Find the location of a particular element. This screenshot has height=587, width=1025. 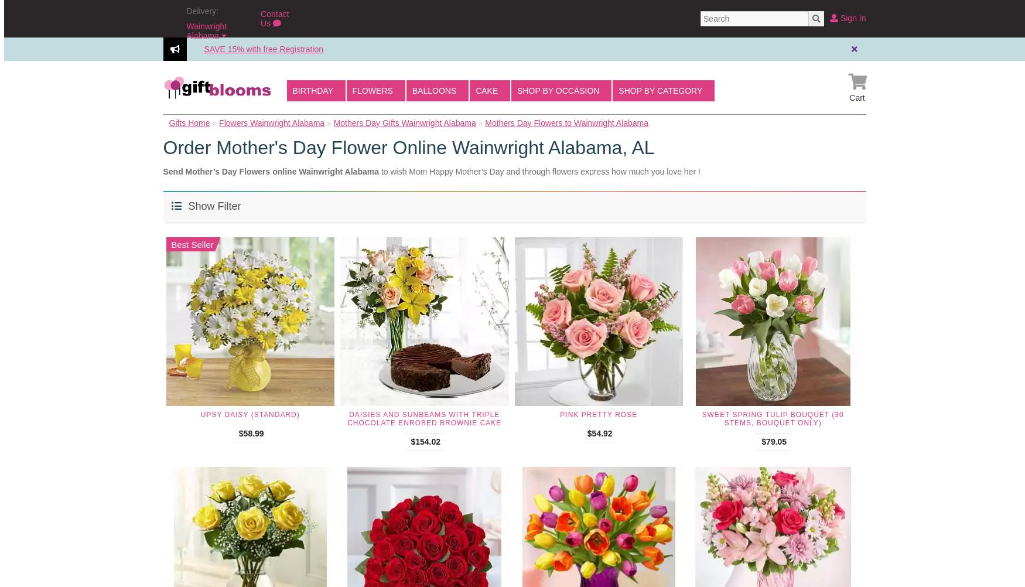

'Shop by Category' is located at coordinates (660, 90).